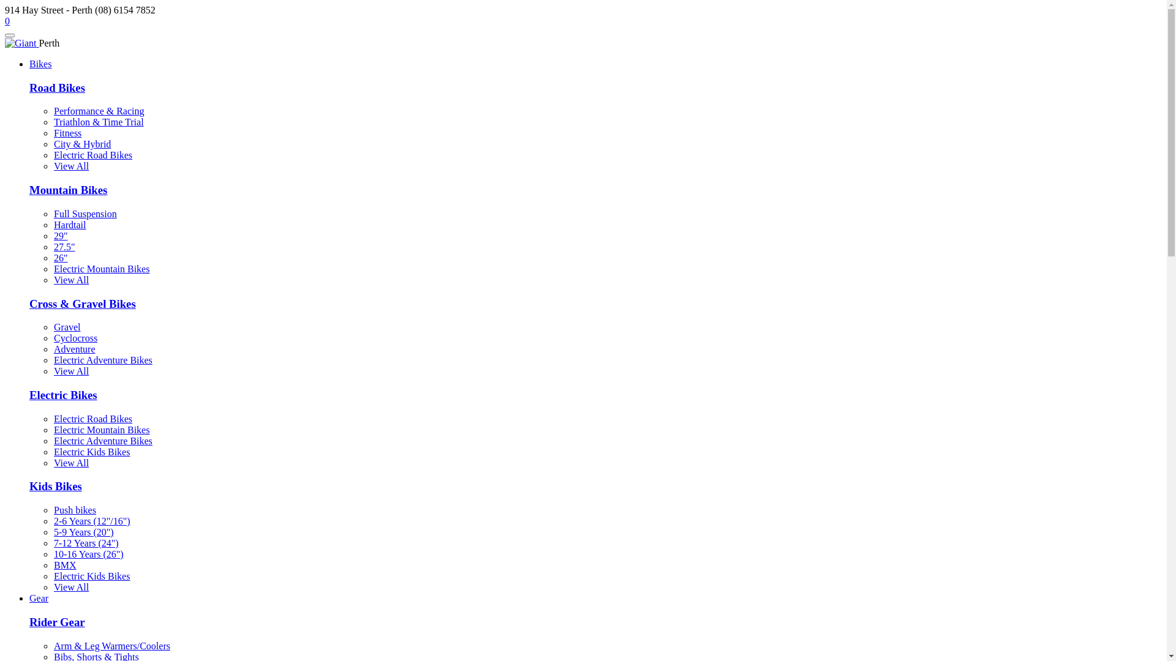 The height and width of the screenshot is (661, 1176). Describe the element at coordinates (29, 622) in the screenshot. I see `'Rider Gear'` at that location.